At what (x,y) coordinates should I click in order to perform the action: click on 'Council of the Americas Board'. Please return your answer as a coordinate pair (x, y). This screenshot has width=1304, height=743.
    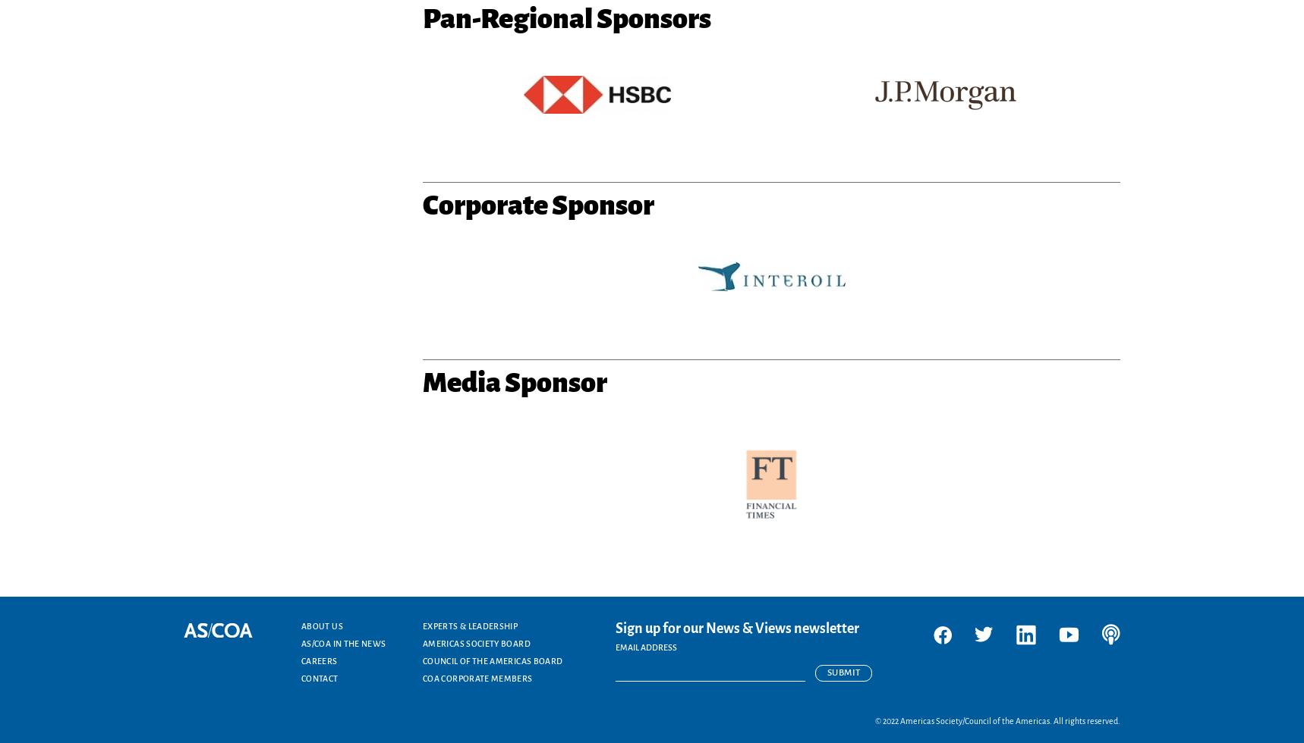
    Looking at the image, I should click on (493, 660).